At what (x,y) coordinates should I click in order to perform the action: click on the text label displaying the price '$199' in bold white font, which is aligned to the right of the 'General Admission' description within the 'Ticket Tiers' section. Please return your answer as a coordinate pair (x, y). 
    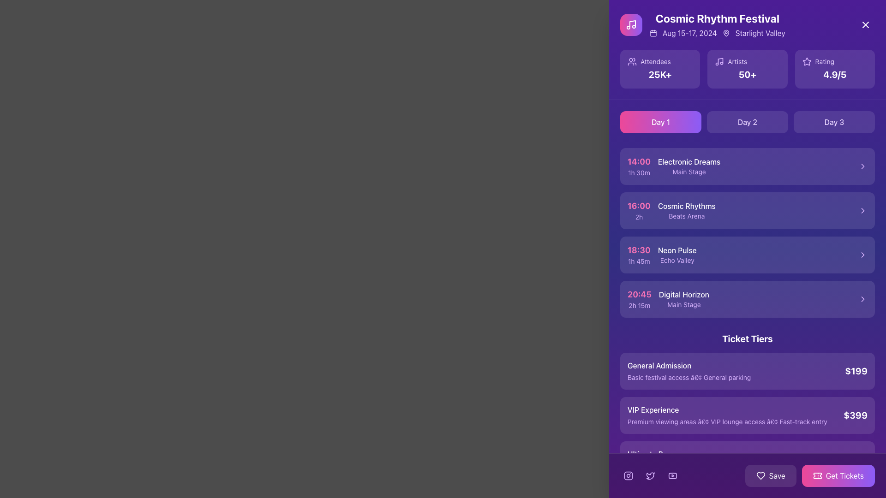
    Looking at the image, I should click on (856, 371).